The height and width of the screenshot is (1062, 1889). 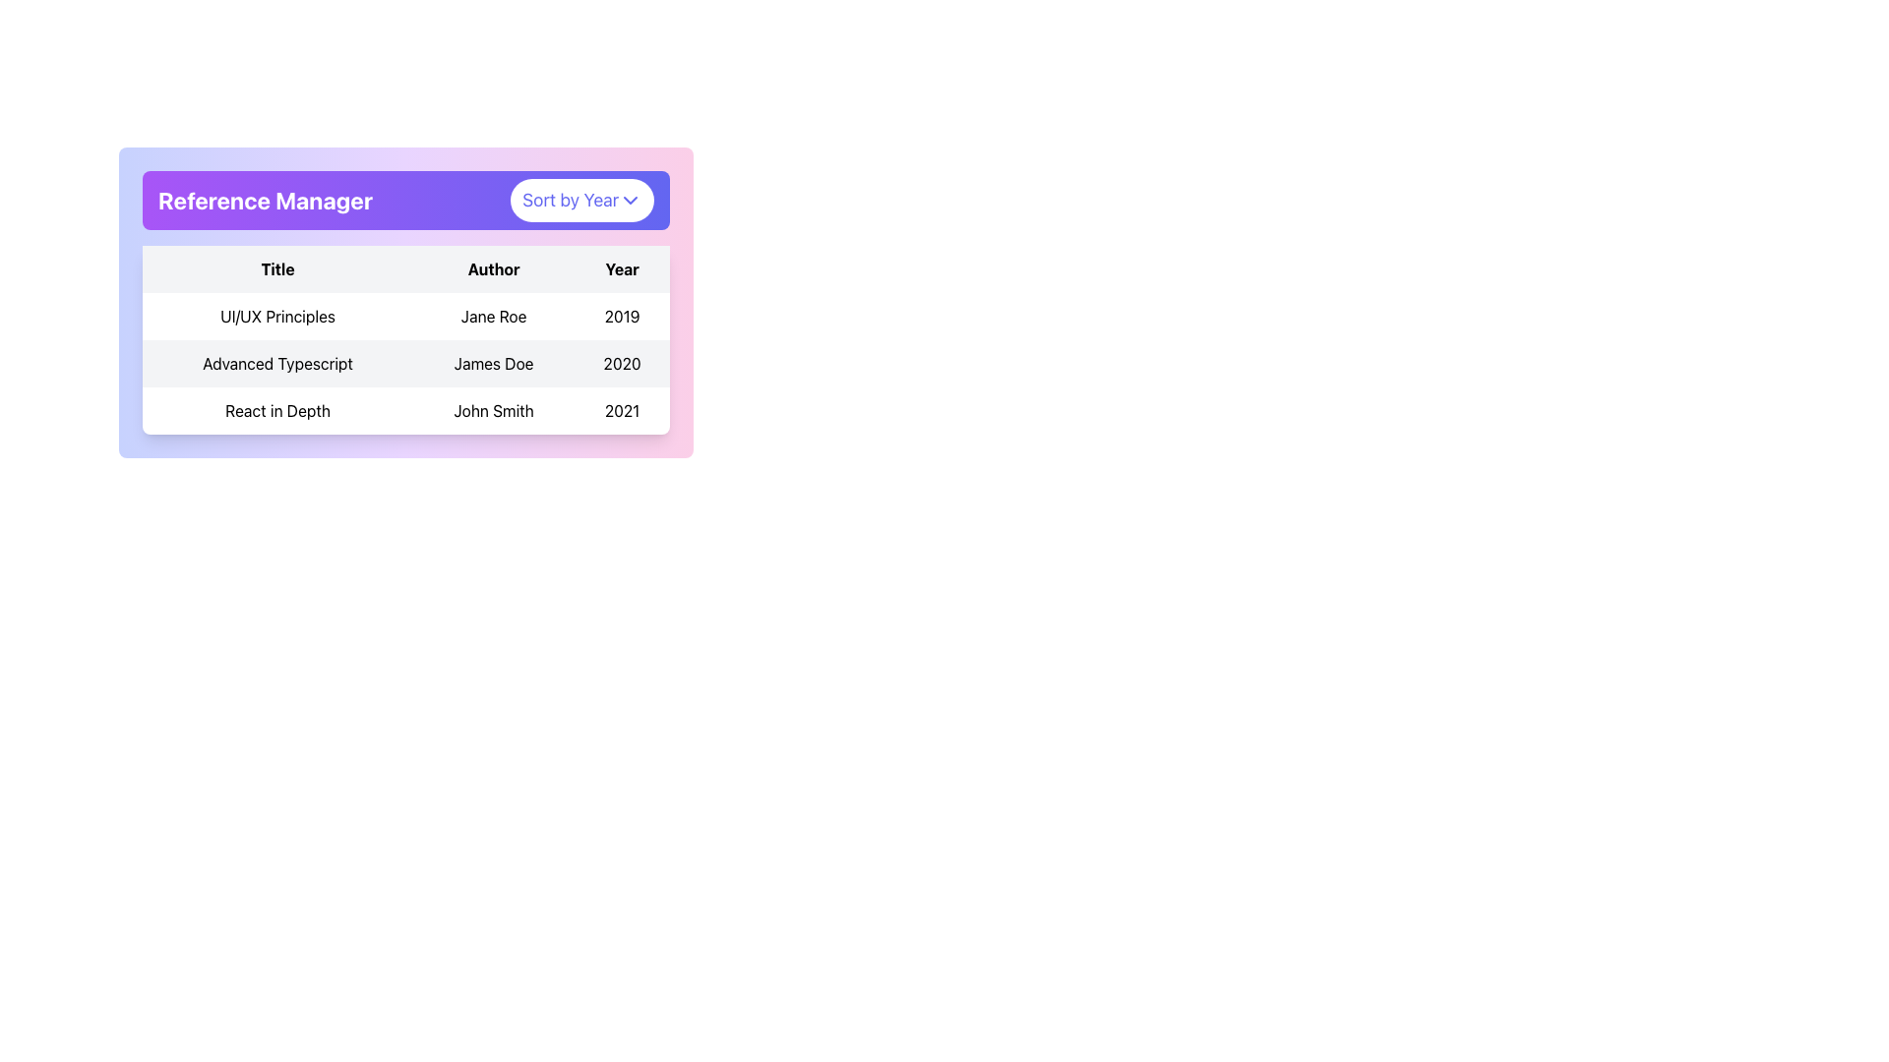 What do you see at coordinates (276, 409) in the screenshot?
I see `the 'React in Depth' text content located in the third row under the 'Title' column of the table to sort or interact with it` at bounding box center [276, 409].